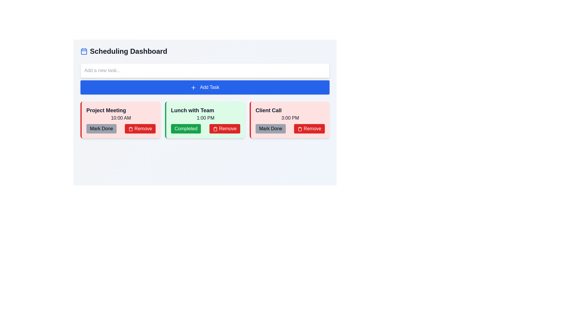  What do you see at coordinates (300, 129) in the screenshot?
I see `the trash icon within the 'Remove' button located at the bottom-right corner of the 'Client Call' card at 3:00 PM` at bounding box center [300, 129].